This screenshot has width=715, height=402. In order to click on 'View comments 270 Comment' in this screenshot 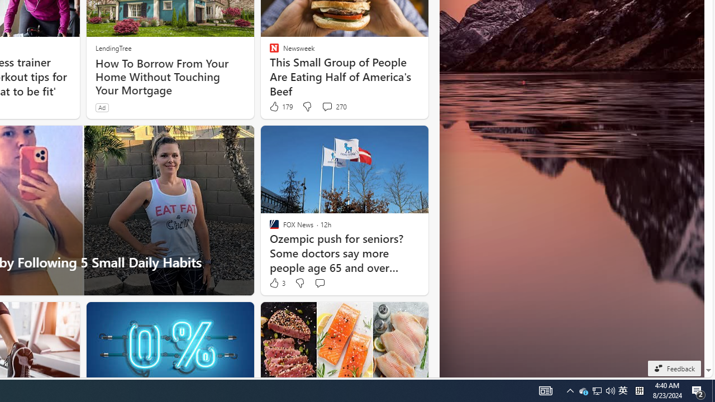, I will do `click(326, 106)`.